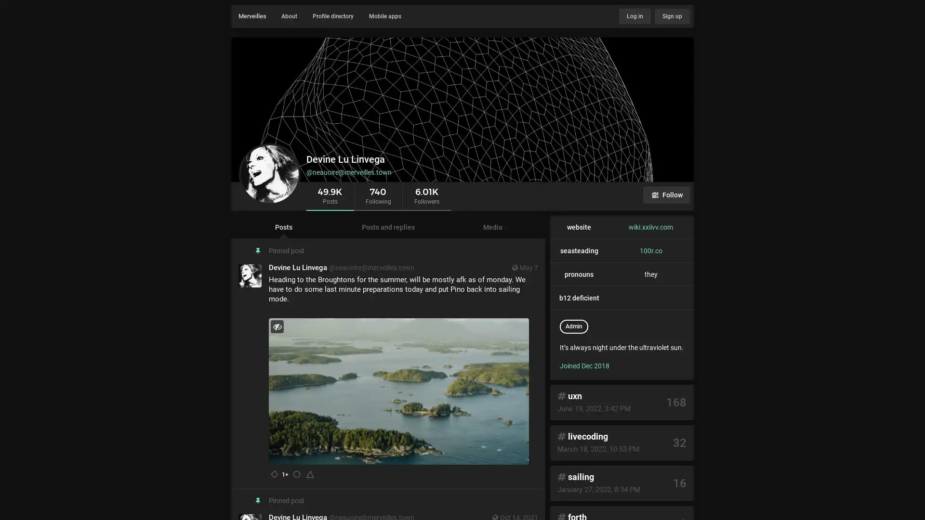 The image size is (925, 520). I want to click on Hide image, so click(277, 326).